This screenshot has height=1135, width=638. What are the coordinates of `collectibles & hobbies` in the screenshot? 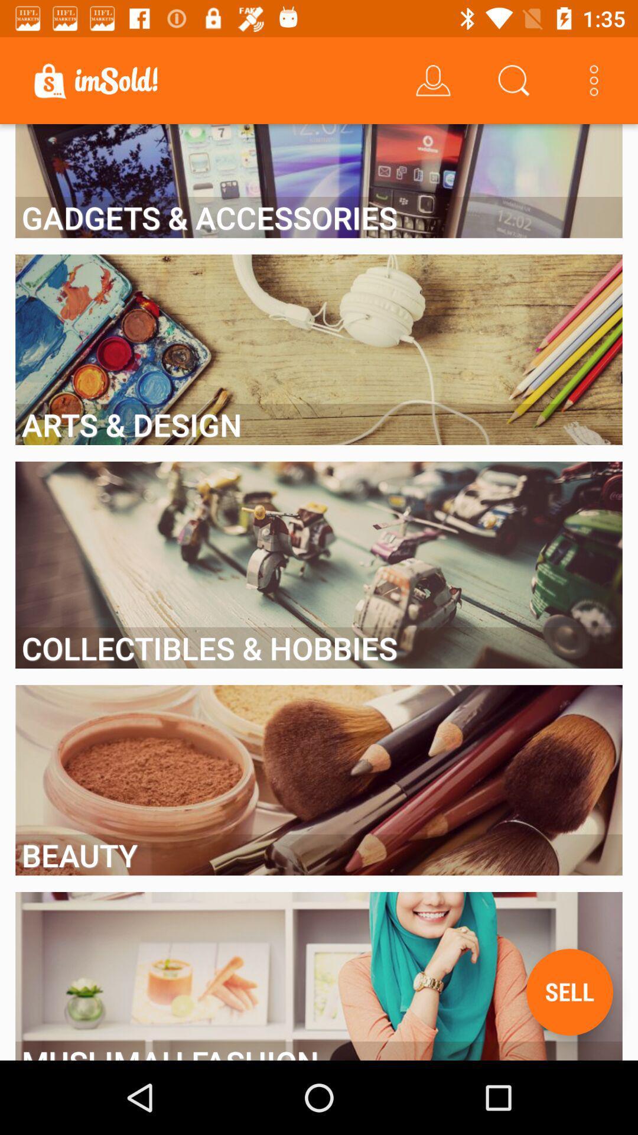 It's located at (319, 647).